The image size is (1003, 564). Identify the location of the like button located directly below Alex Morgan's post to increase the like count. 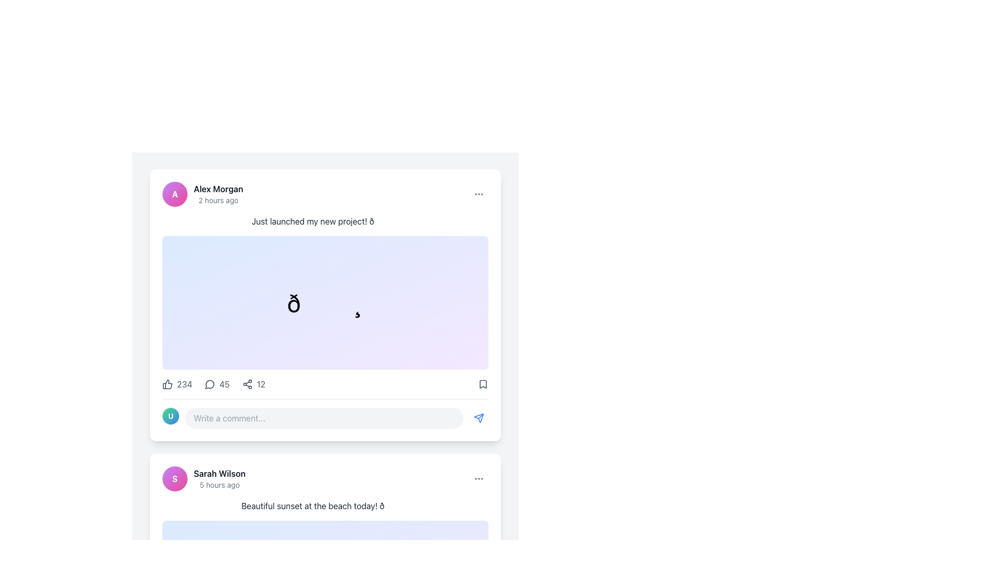
(177, 384).